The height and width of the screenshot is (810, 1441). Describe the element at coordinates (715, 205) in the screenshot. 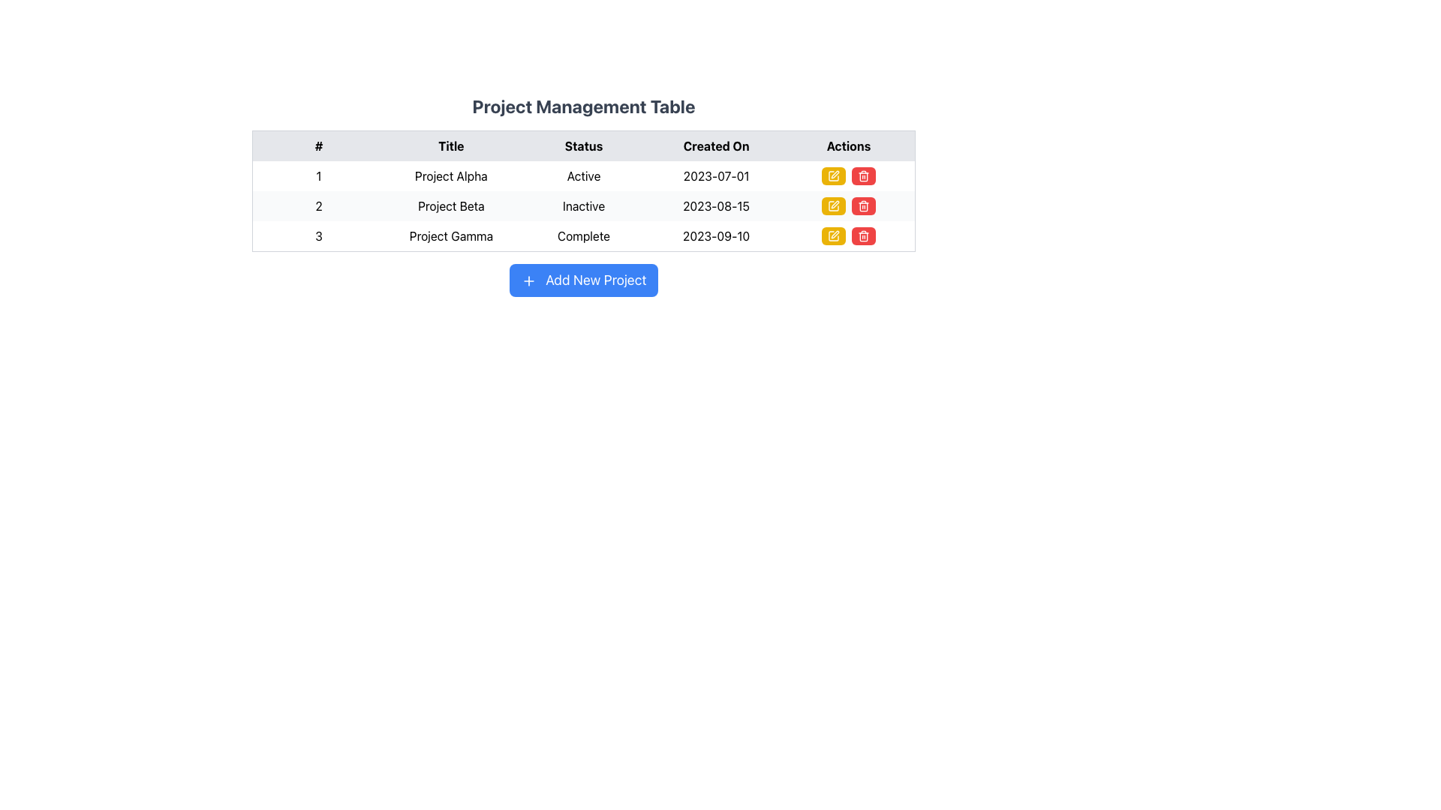

I see `the date text '2023-08-15' located in the 'Created On' column of the second row for 'Project Beta' in the table` at that location.